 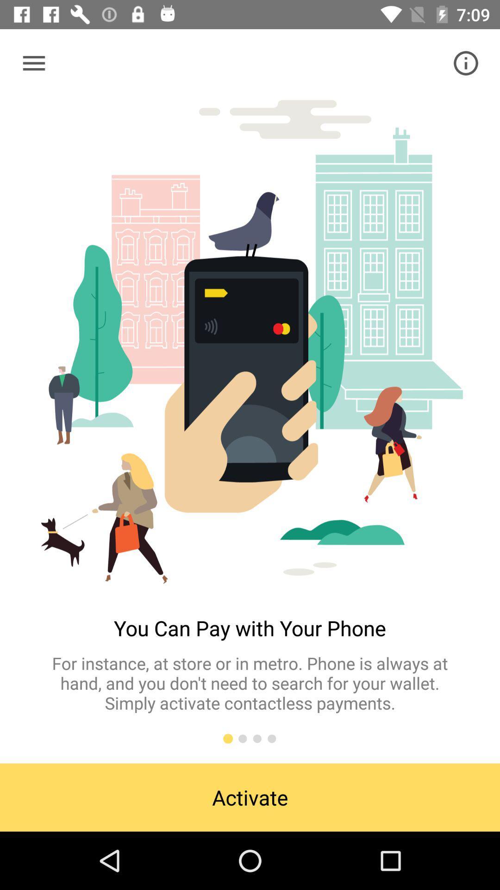 What do you see at coordinates (466, 63) in the screenshot?
I see `information button` at bounding box center [466, 63].